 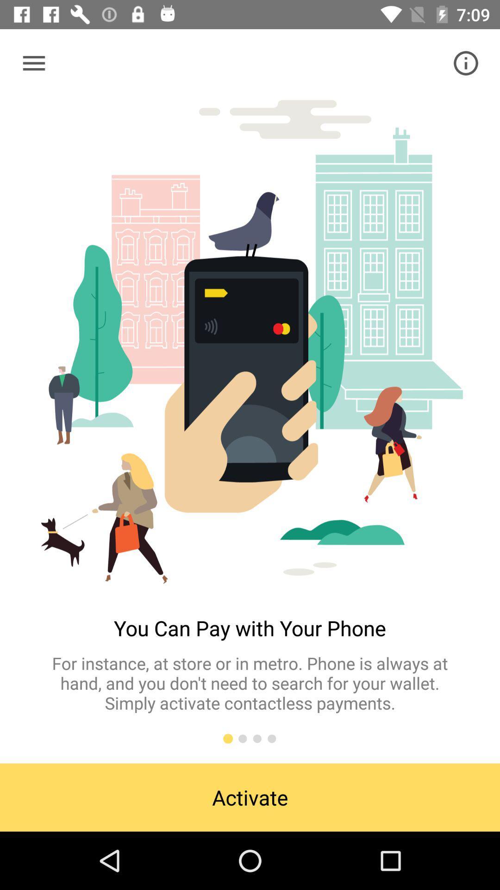 What do you see at coordinates (466, 63) in the screenshot?
I see `information button` at bounding box center [466, 63].